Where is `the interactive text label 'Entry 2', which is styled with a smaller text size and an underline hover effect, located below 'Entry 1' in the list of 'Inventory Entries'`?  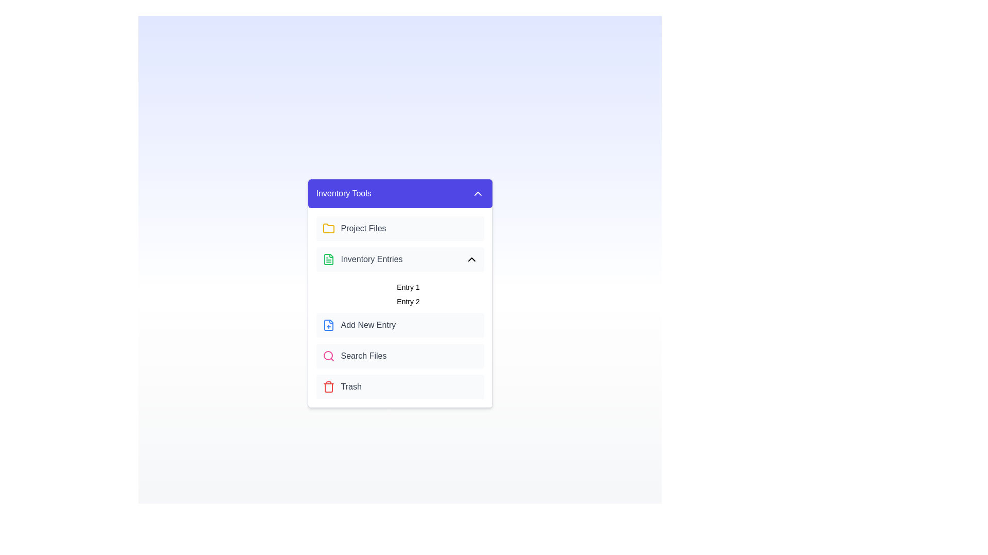 the interactive text label 'Entry 2', which is styled with a smaller text size and an underline hover effect, located below 'Entry 1' in the list of 'Inventory Entries' is located at coordinates (408, 301).